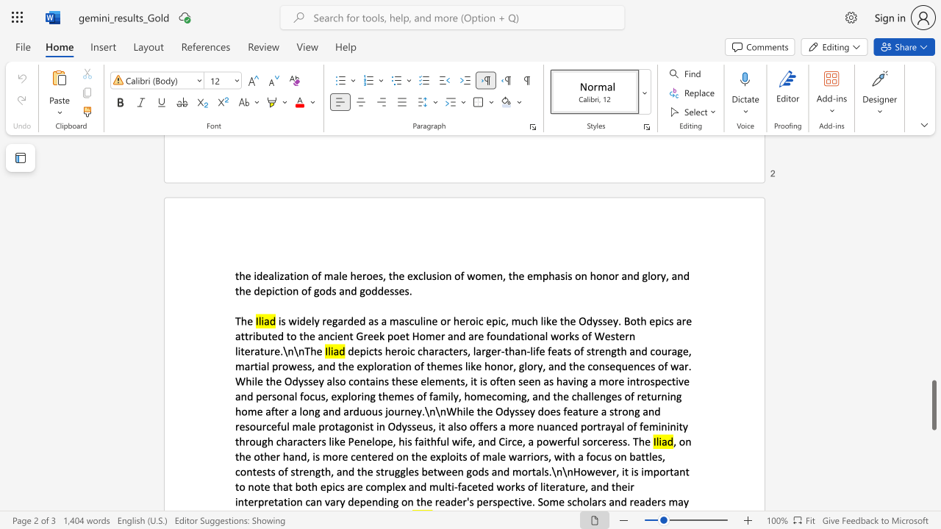 Image resolution: width=941 pixels, height=529 pixels. I want to click on the scrollbar to move the page upward, so click(933, 331).